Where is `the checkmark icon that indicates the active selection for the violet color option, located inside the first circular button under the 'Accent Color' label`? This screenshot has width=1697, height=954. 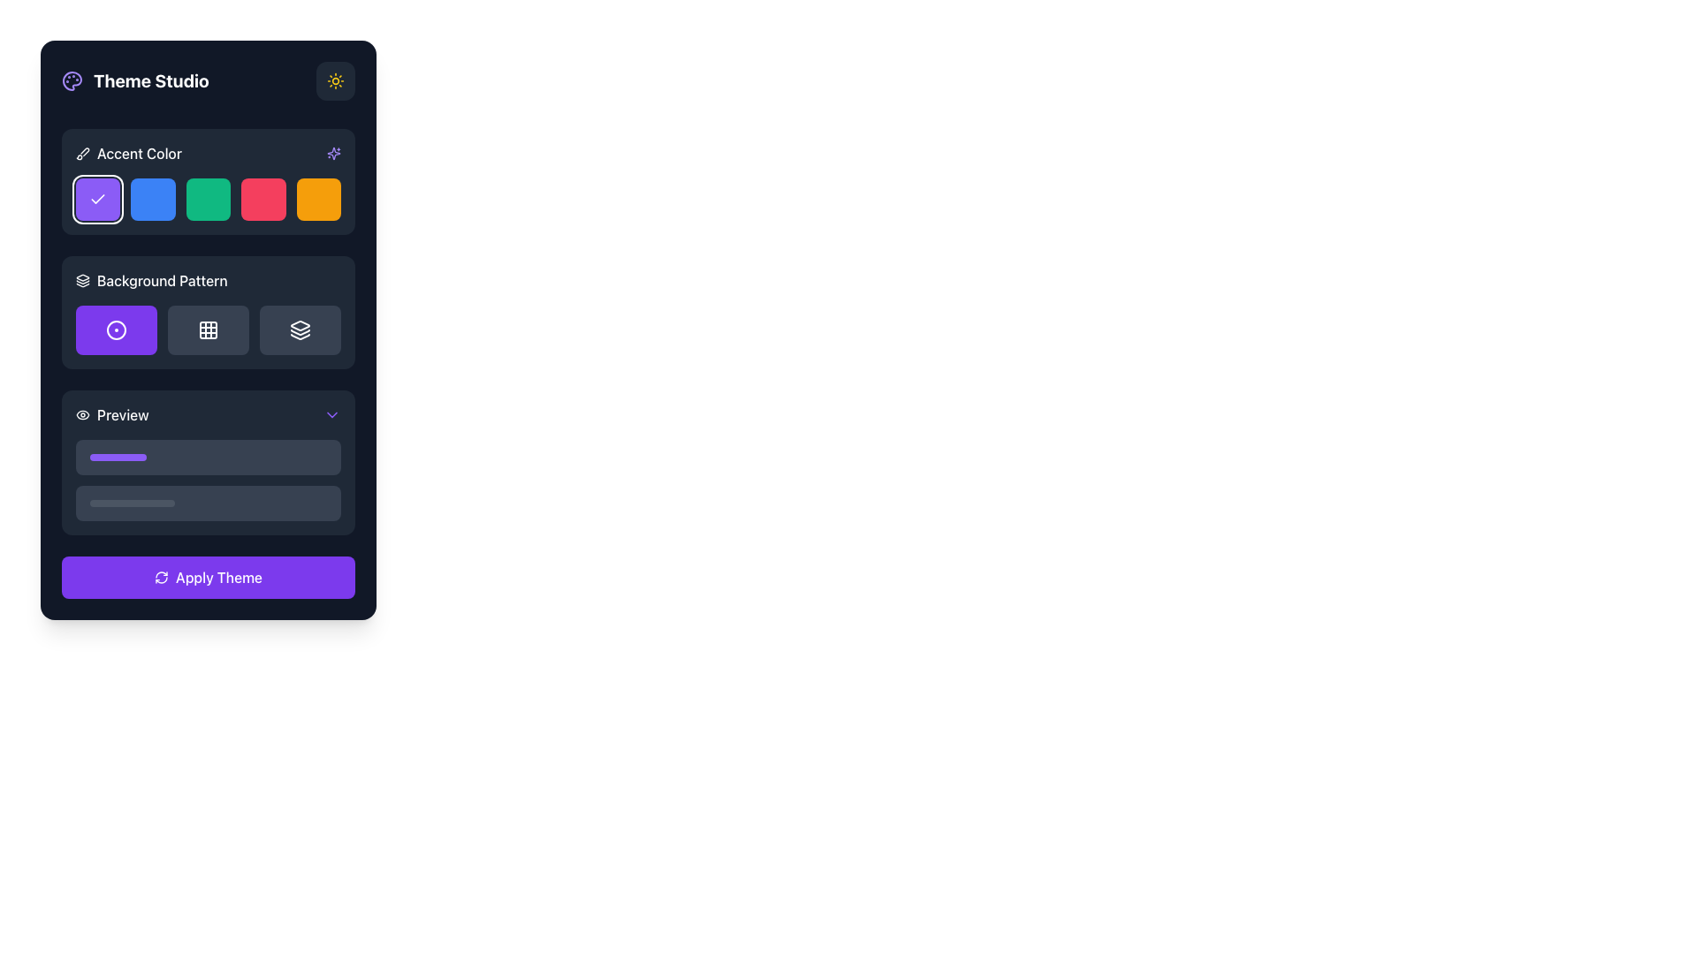 the checkmark icon that indicates the active selection for the violet color option, located inside the first circular button under the 'Accent Color' label is located at coordinates (97, 199).